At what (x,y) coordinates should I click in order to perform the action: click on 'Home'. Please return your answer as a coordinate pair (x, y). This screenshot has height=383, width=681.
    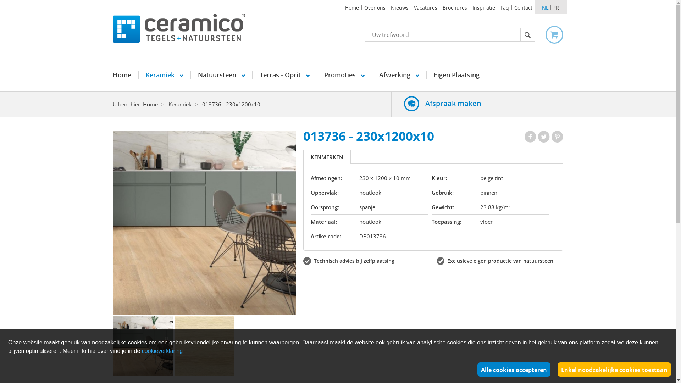
    Looking at the image, I should click on (112, 75).